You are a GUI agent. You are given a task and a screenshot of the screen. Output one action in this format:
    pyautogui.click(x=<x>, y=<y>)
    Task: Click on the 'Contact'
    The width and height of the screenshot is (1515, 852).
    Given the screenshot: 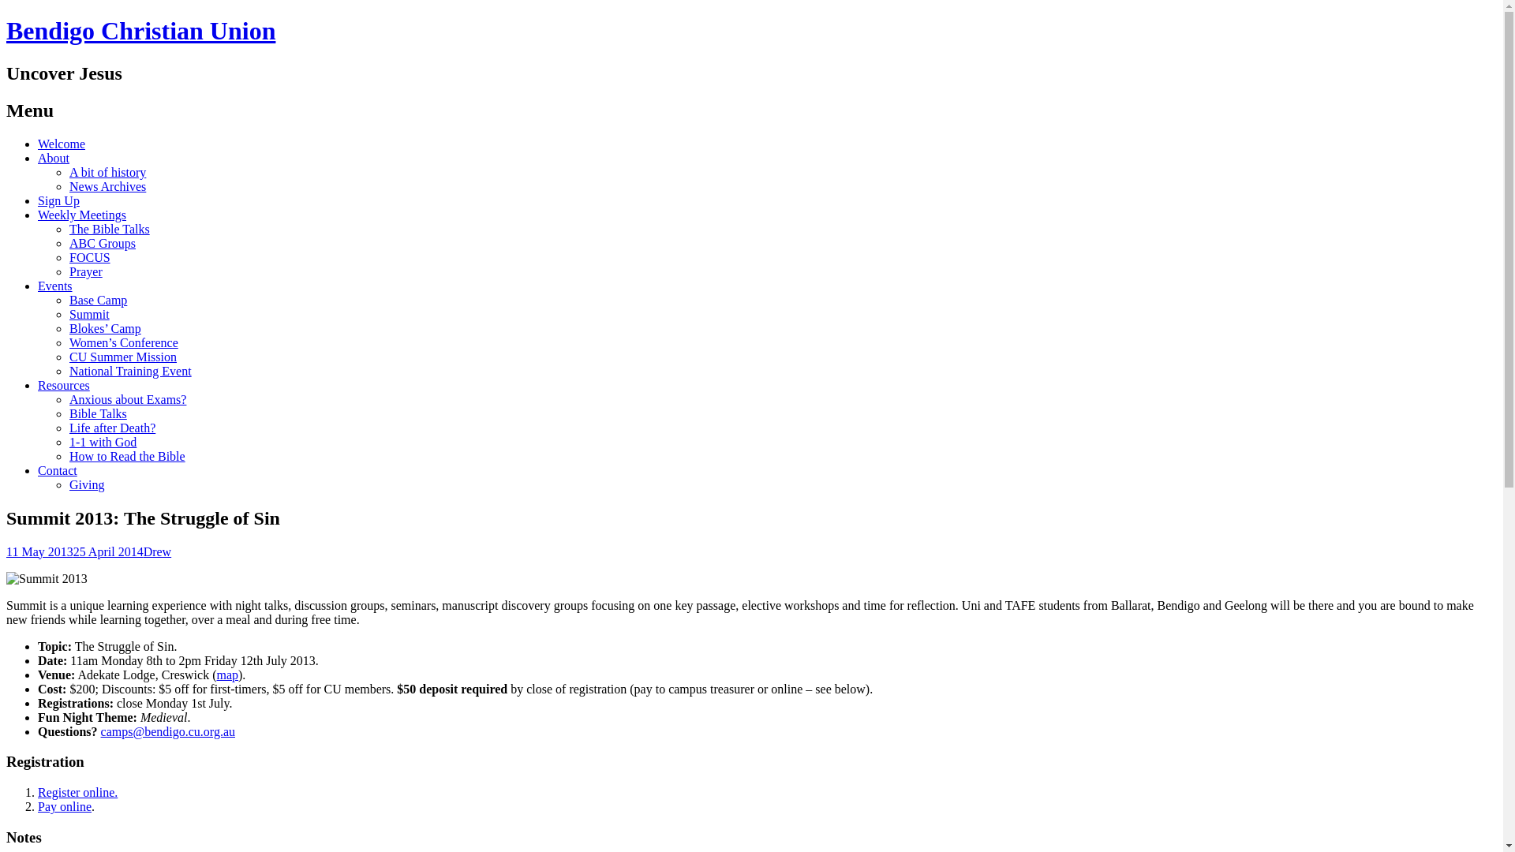 What is the action you would take?
    pyautogui.click(x=57, y=469)
    